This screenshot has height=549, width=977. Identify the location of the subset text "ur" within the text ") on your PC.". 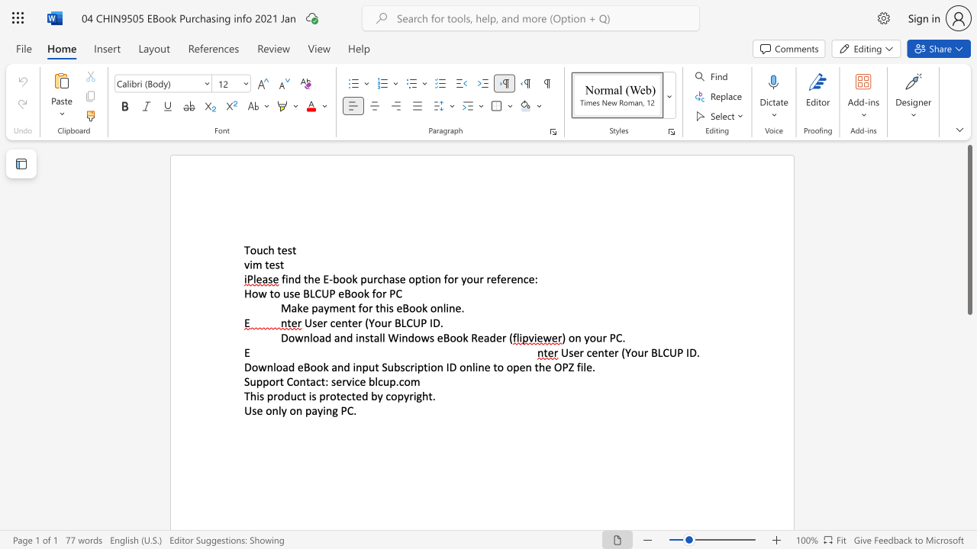
(595, 337).